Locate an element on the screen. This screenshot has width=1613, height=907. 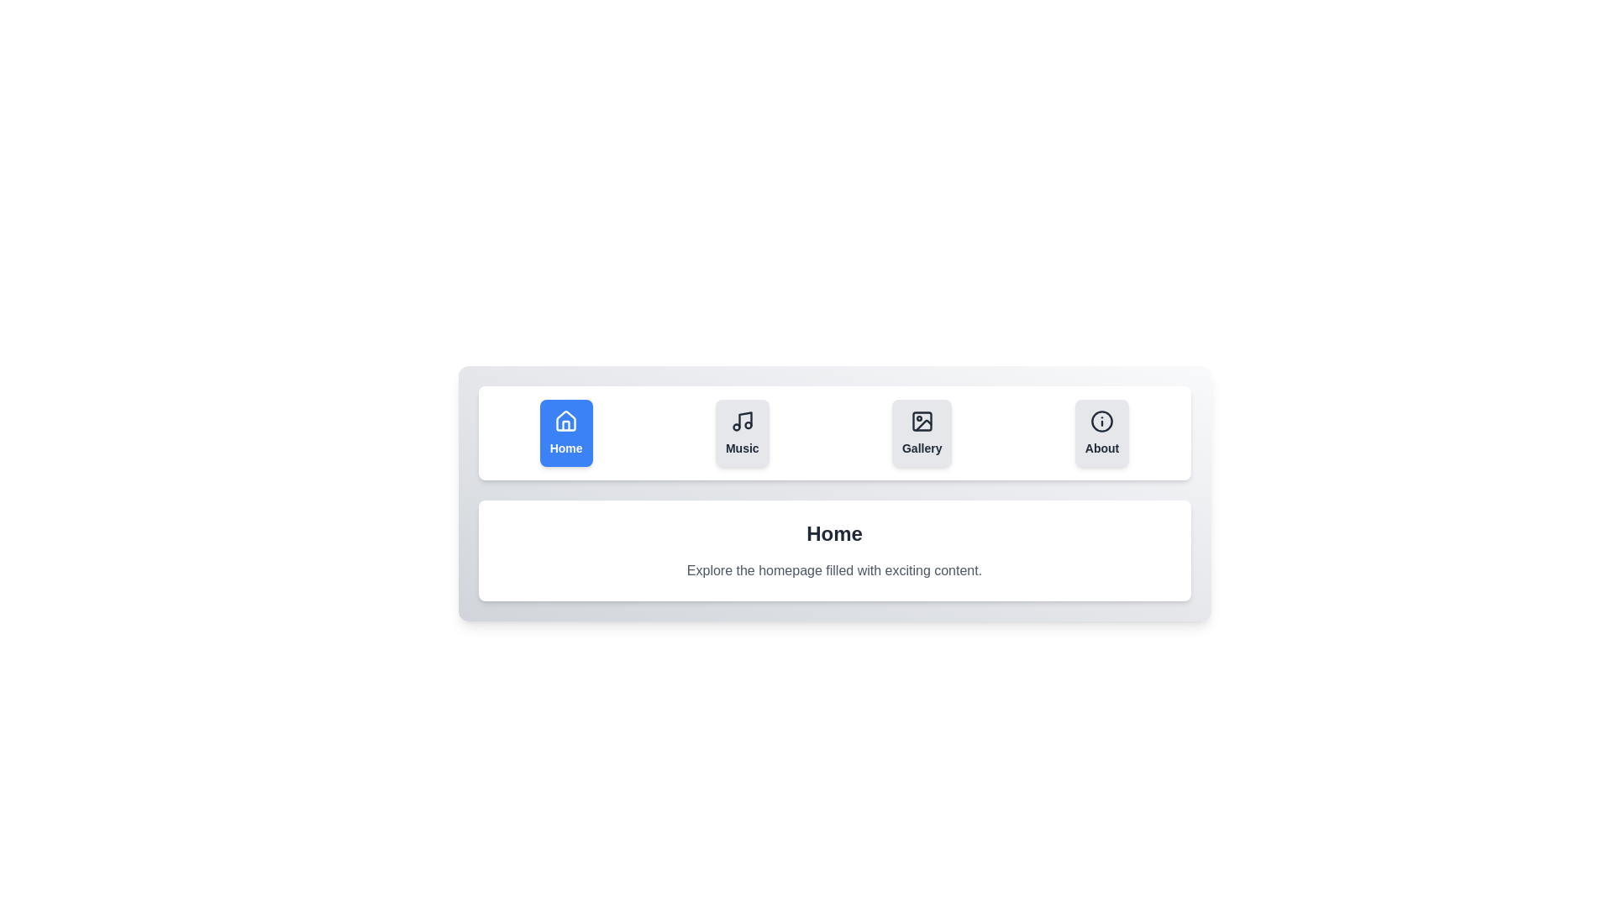
the Music tab to switch to it is located at coordinates (741, 433).